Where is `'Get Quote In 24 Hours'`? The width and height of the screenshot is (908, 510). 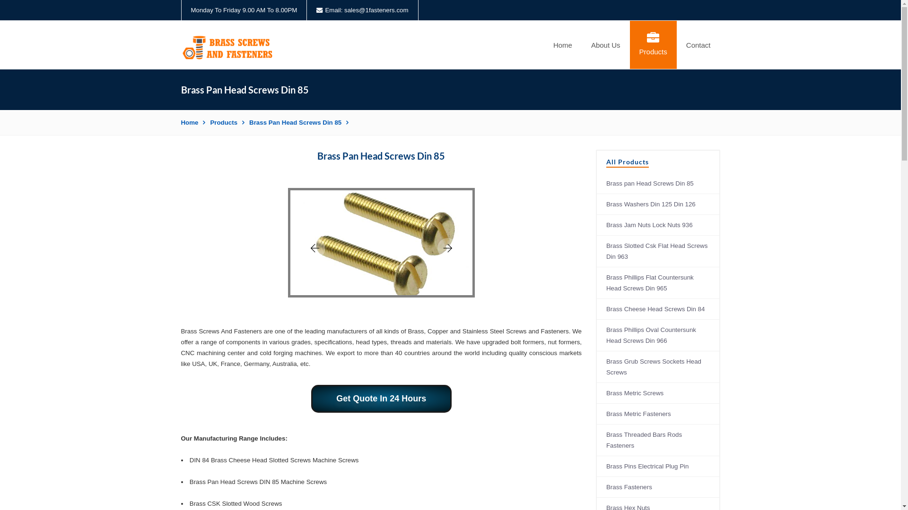 'Get Quote In 24 Hours' is located at coordinates (381, 399).